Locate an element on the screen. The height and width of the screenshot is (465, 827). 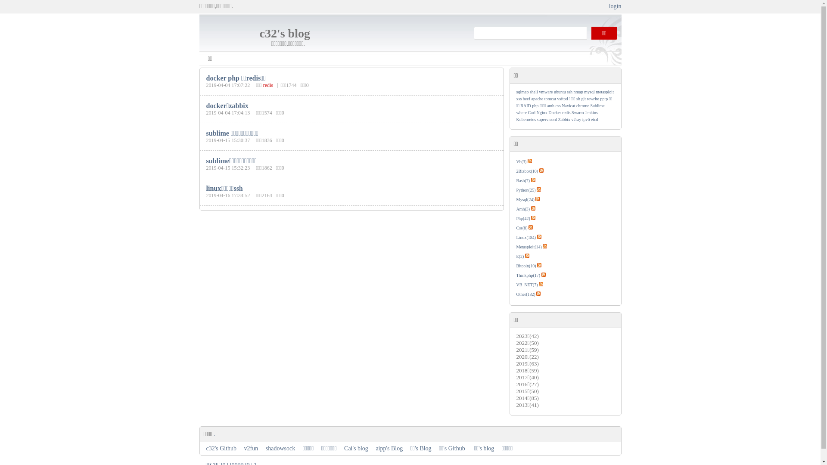
'Bitcoin(10)' is located at coordinates (516, 265).